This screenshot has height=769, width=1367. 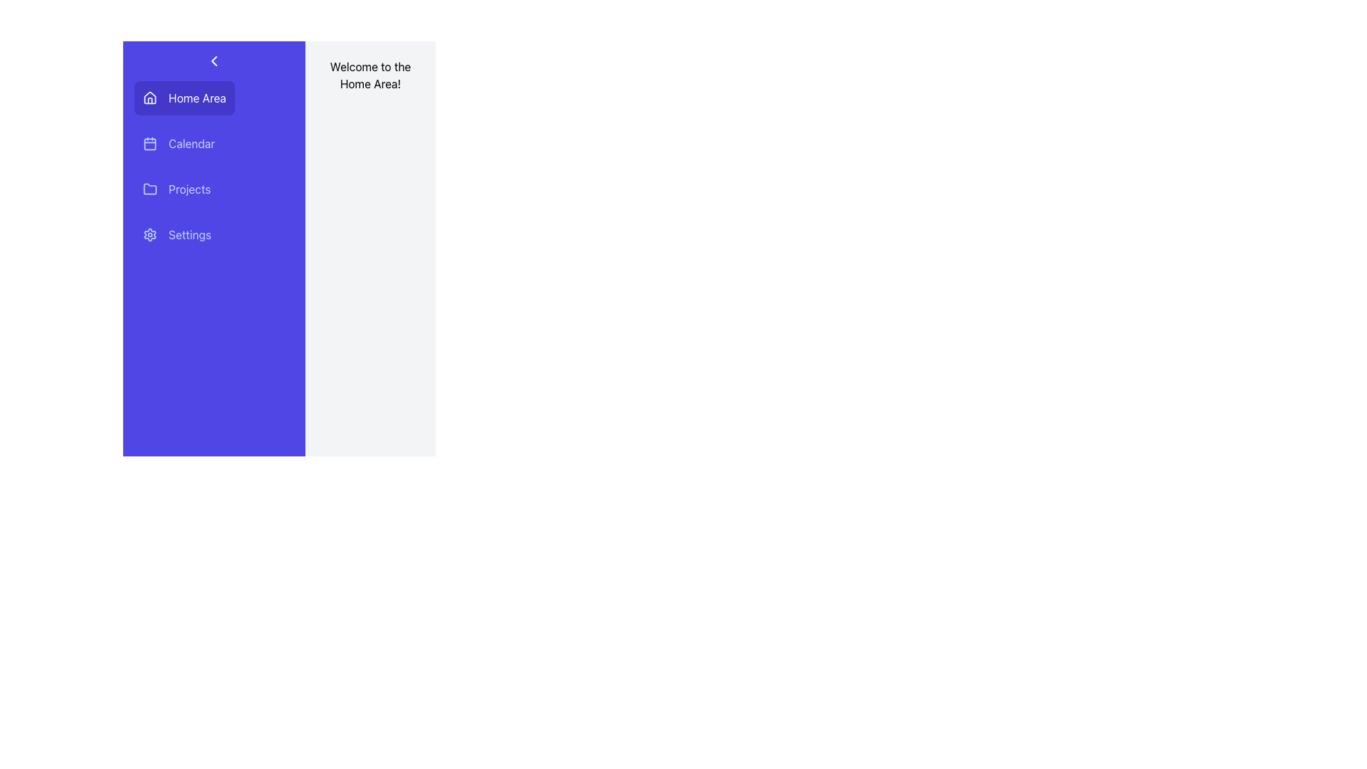 I want to click on the 'Settings' button, which is the fourth item in the vertical list on the left sidebar, to observe its hover effects, so click(x=177, y=234).